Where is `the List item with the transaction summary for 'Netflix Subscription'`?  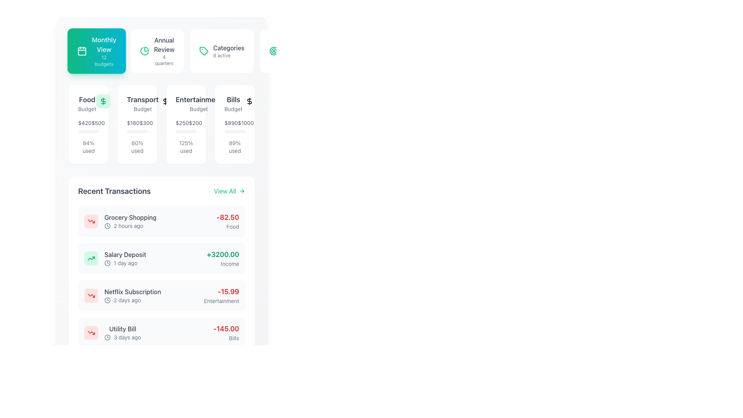
the List item with the transaction summary for 'Netflix Subscription' is located at coordinates (161, 295).